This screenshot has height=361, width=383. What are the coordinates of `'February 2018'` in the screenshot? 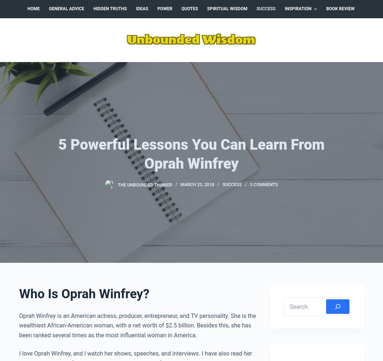 It's located at (302, 4).